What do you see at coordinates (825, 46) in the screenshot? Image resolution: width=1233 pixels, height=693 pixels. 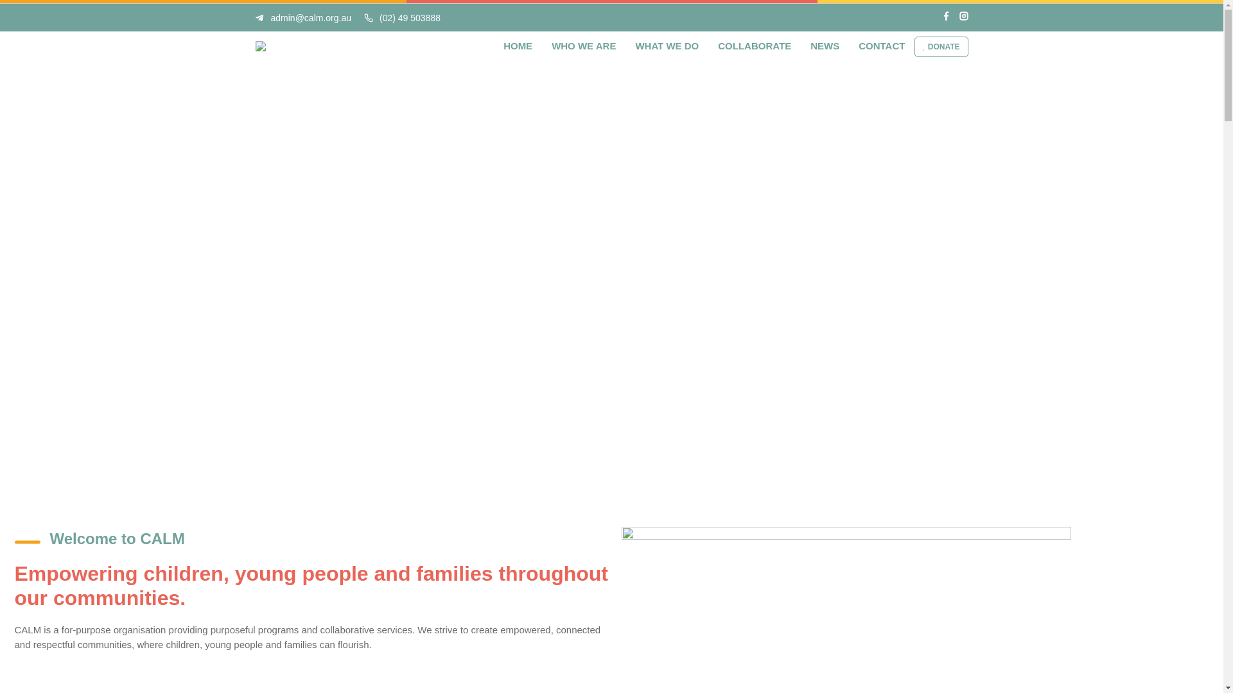 I see `'NEWS'` at bounding box center [825, 46].